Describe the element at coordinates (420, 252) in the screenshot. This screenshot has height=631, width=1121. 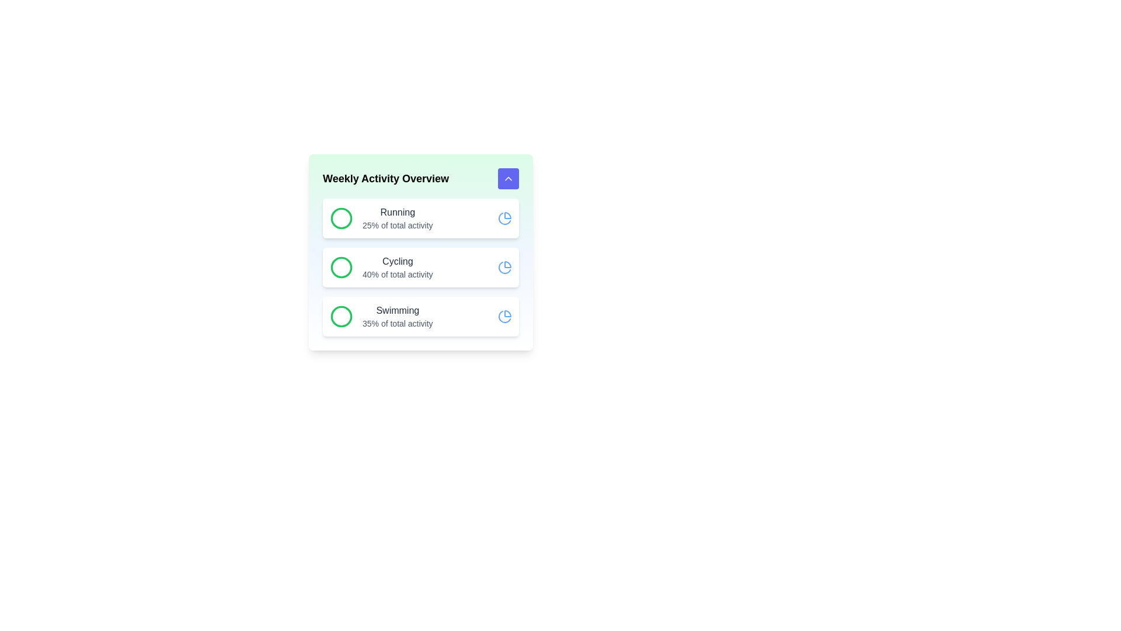
I see `the interactive icons or buttons within the Information card that displays weekly activity statistics for Running, Cycling, and Swimming` at that location.